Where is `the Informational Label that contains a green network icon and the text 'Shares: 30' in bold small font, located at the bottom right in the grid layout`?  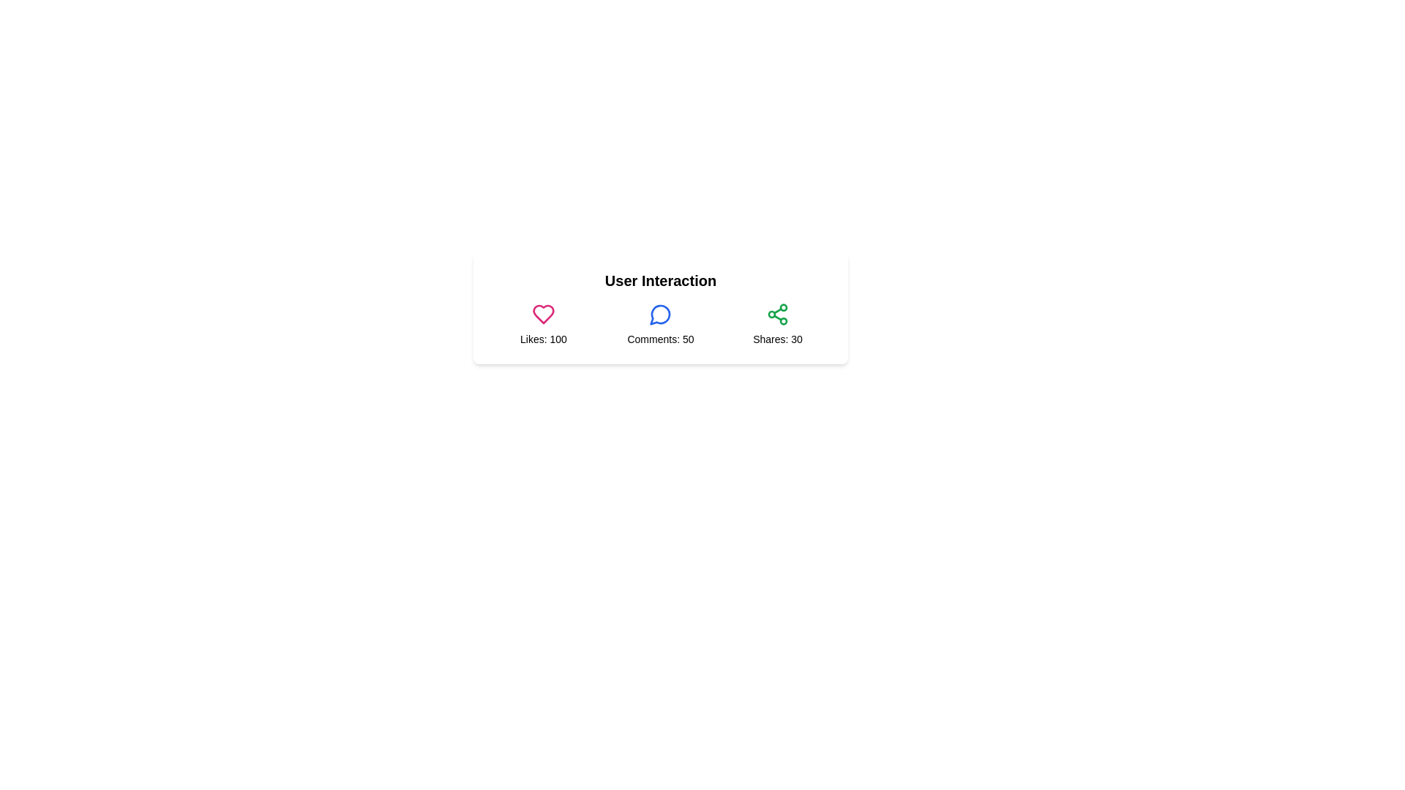
the Informational Label that contains a green network icon and the text 'Shares: 30' in bold small font, located at the bottom right in the grid layout is located at coordinates (776, 323).